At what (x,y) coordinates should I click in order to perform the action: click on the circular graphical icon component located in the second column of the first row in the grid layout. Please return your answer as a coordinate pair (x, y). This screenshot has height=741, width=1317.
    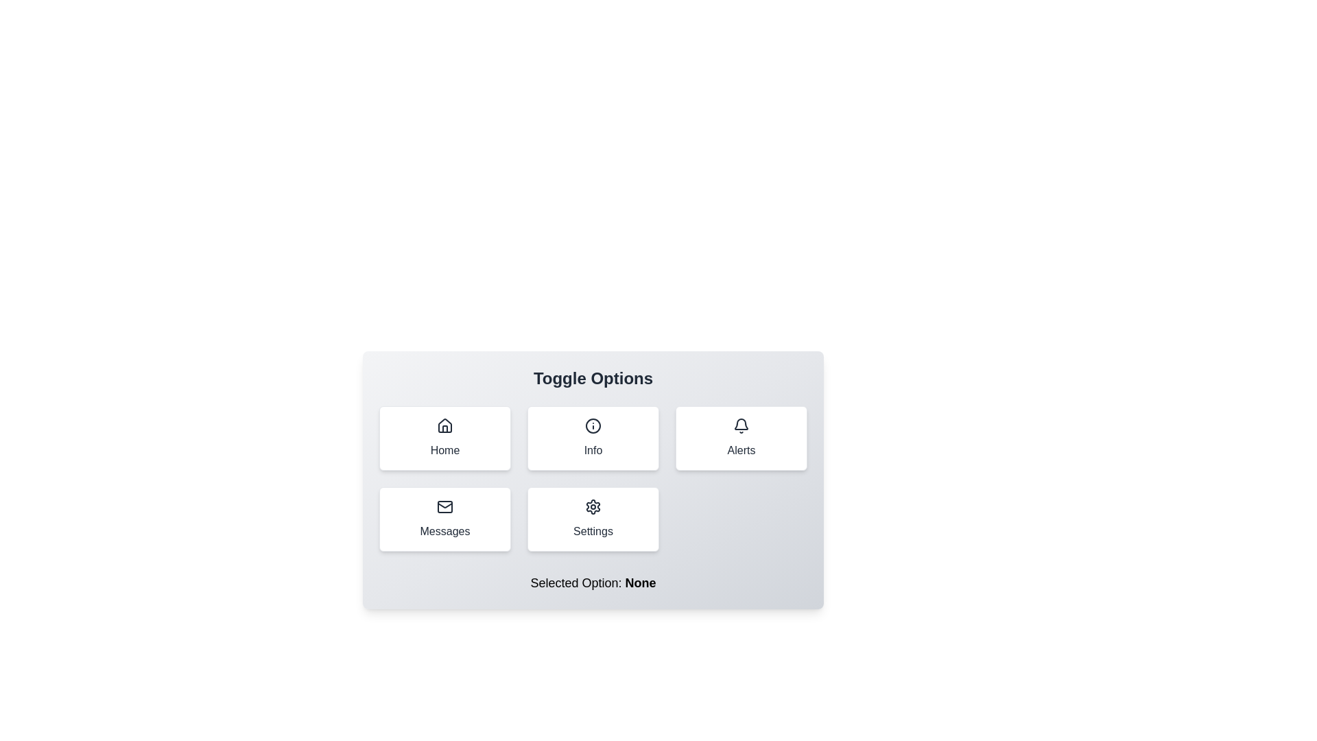
    Looking at the image, I should click on (593, 425).